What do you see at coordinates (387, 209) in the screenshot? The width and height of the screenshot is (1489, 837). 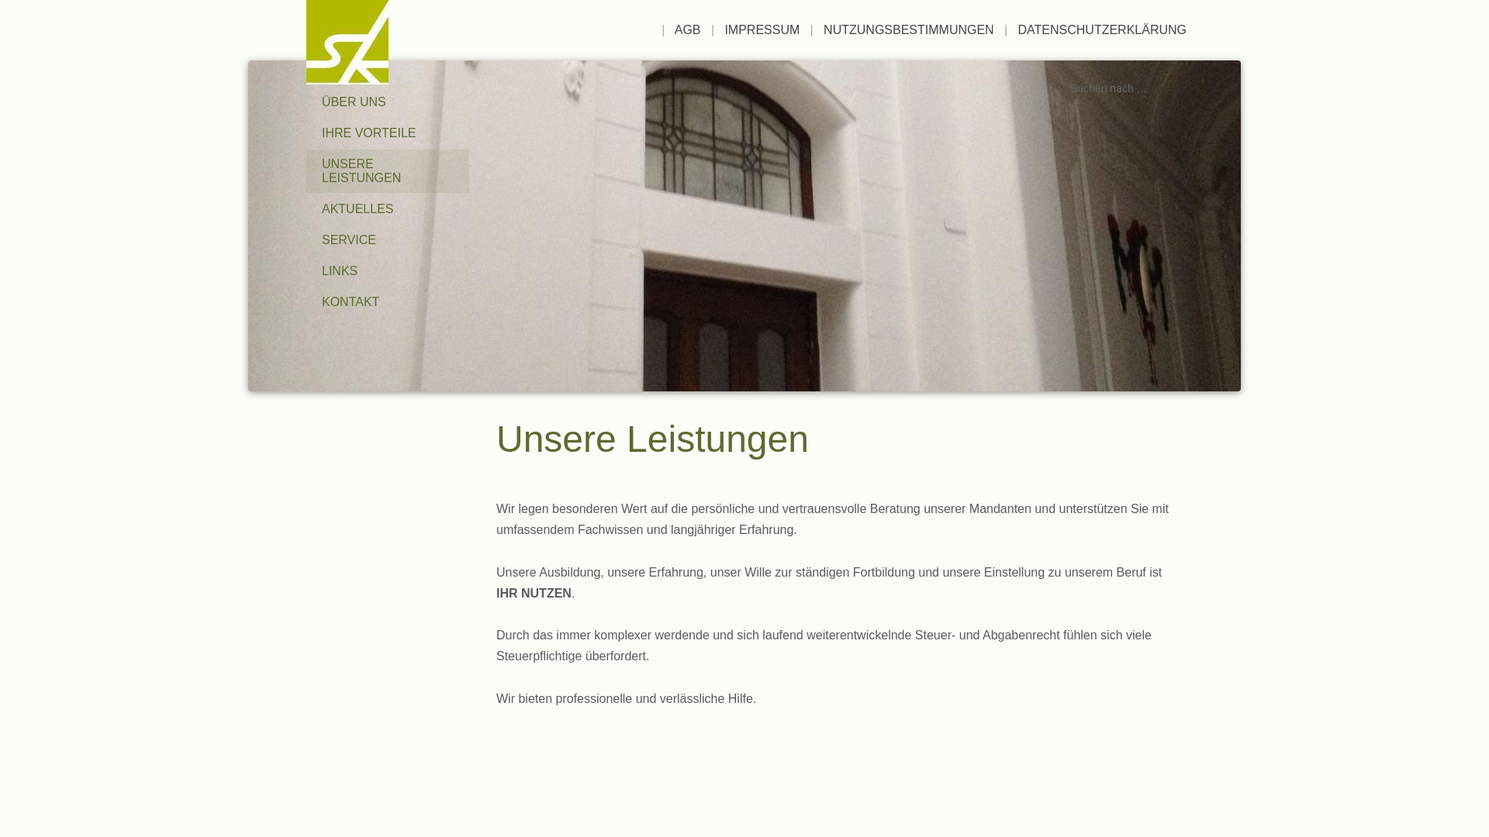 I see `'AKTUELLES'` at bounding box center [387, 209].